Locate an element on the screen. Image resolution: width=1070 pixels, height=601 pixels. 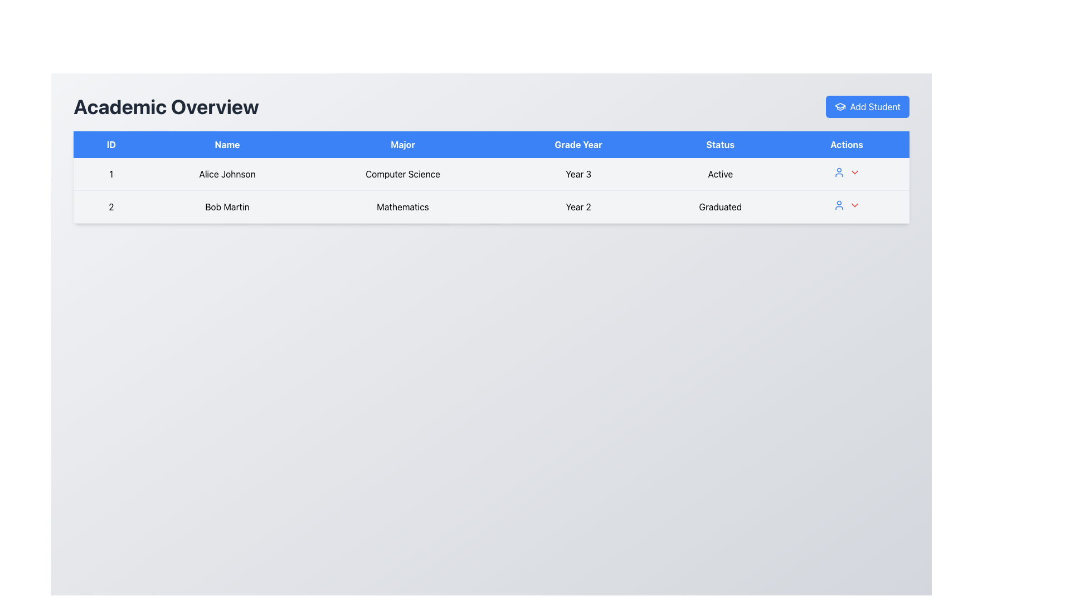
the interactive Action Cell in the 'Actions' column of the first row, which contains a blue person icon and a red downward arrow icon is located at coordinates (847, 174).